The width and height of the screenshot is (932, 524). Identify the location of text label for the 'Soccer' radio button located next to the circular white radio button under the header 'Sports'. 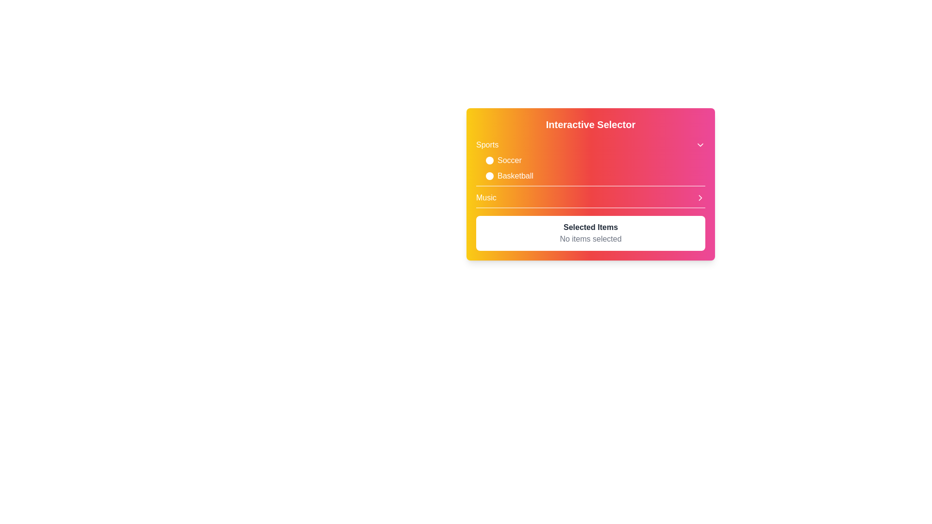
(509, 160).